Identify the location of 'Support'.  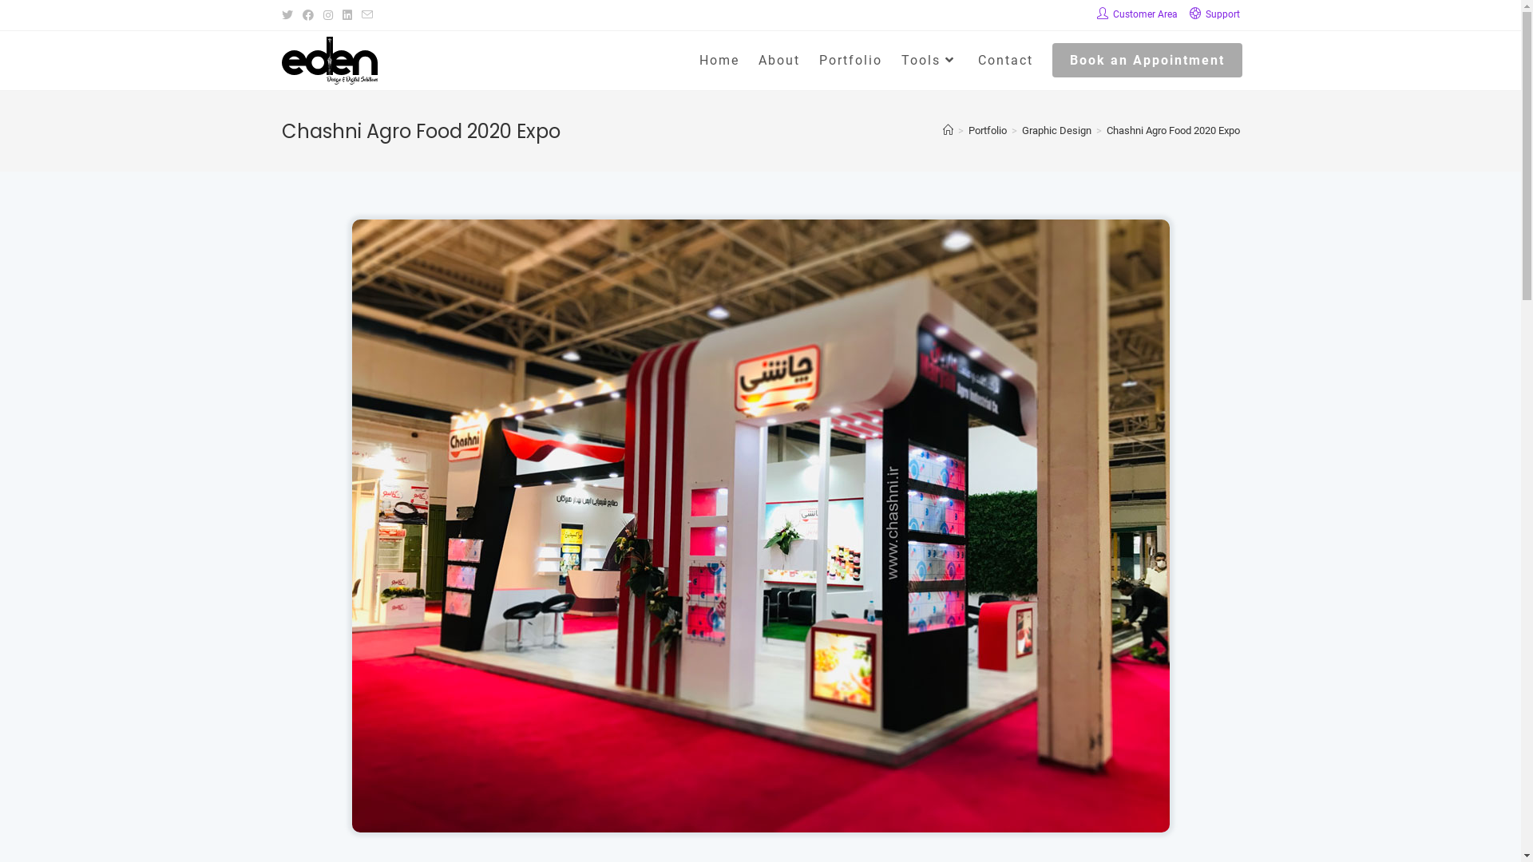
(1214, 15).